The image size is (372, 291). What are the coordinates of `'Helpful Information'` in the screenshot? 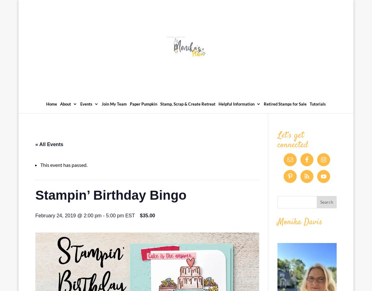 It's located at (236, 104).